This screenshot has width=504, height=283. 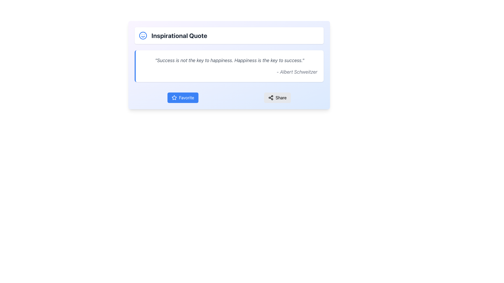 I want to click on the smiley face icon with a circular border and blue color, which is positioned to the left of the 'Inspirational Quote' text, so click(x=143, y=35).